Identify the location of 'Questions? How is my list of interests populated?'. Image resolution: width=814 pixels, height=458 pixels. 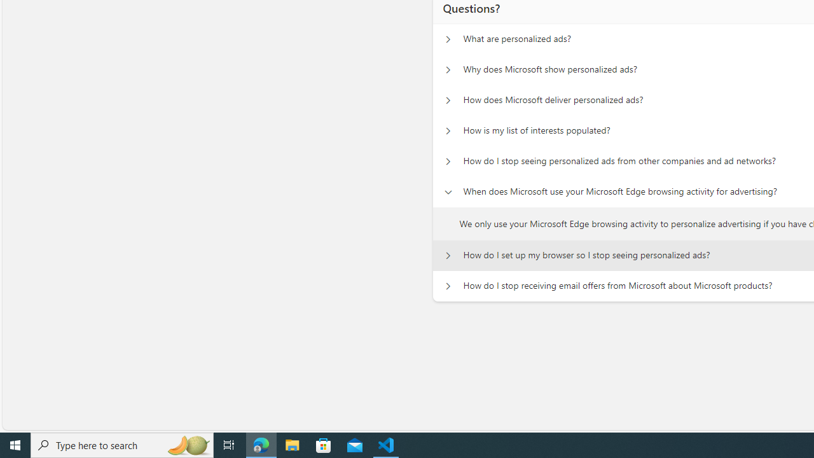
(448, 131).